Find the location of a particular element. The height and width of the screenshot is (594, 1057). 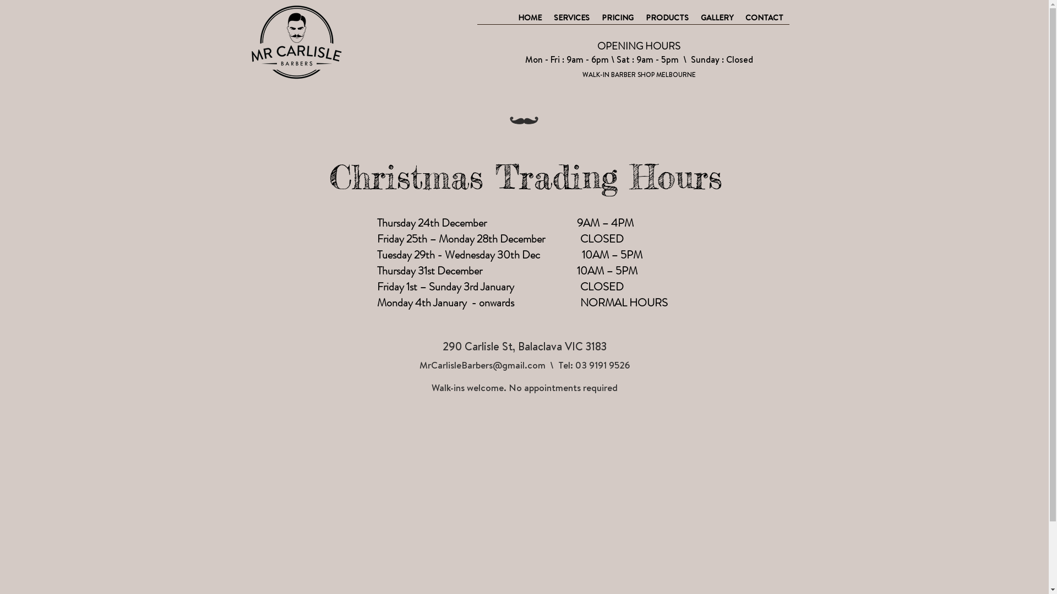

'Google Maps' is located at coordinates (527, 496).